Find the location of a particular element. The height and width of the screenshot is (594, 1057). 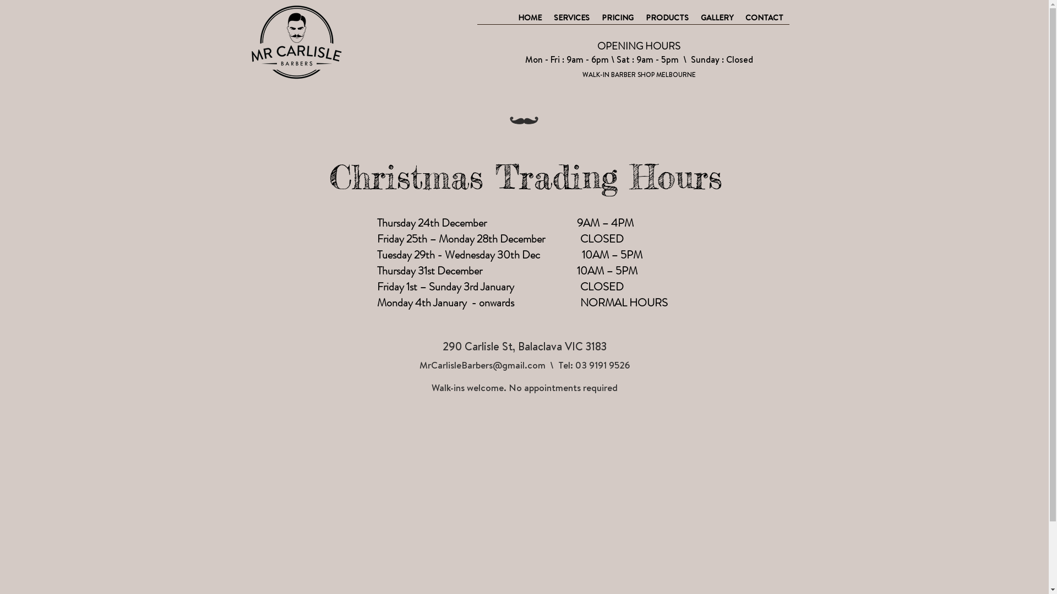

'Google Maps' is located at coordinates (527, 496).